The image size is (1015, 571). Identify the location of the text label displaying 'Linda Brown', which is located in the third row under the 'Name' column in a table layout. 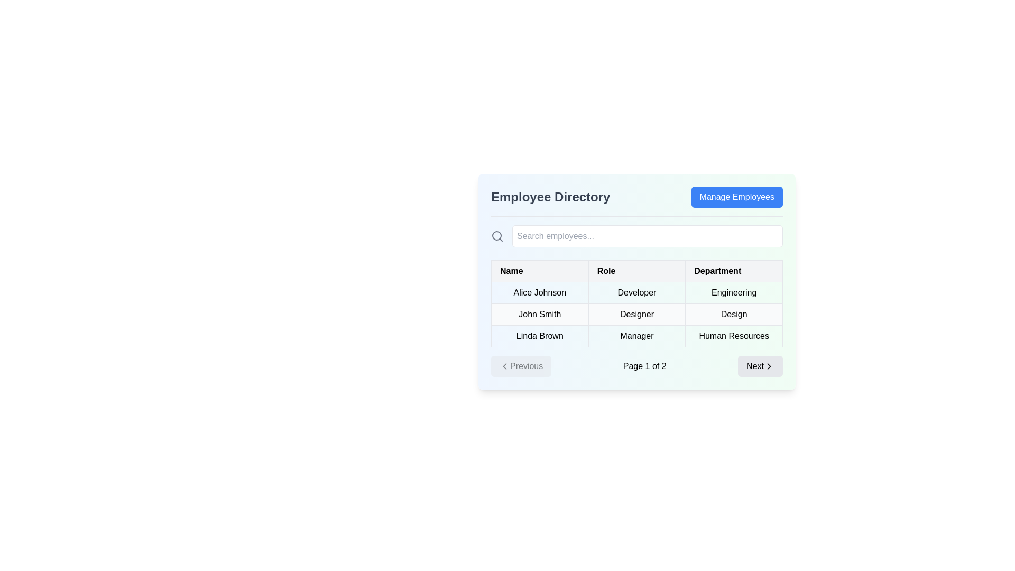
(540, 336).